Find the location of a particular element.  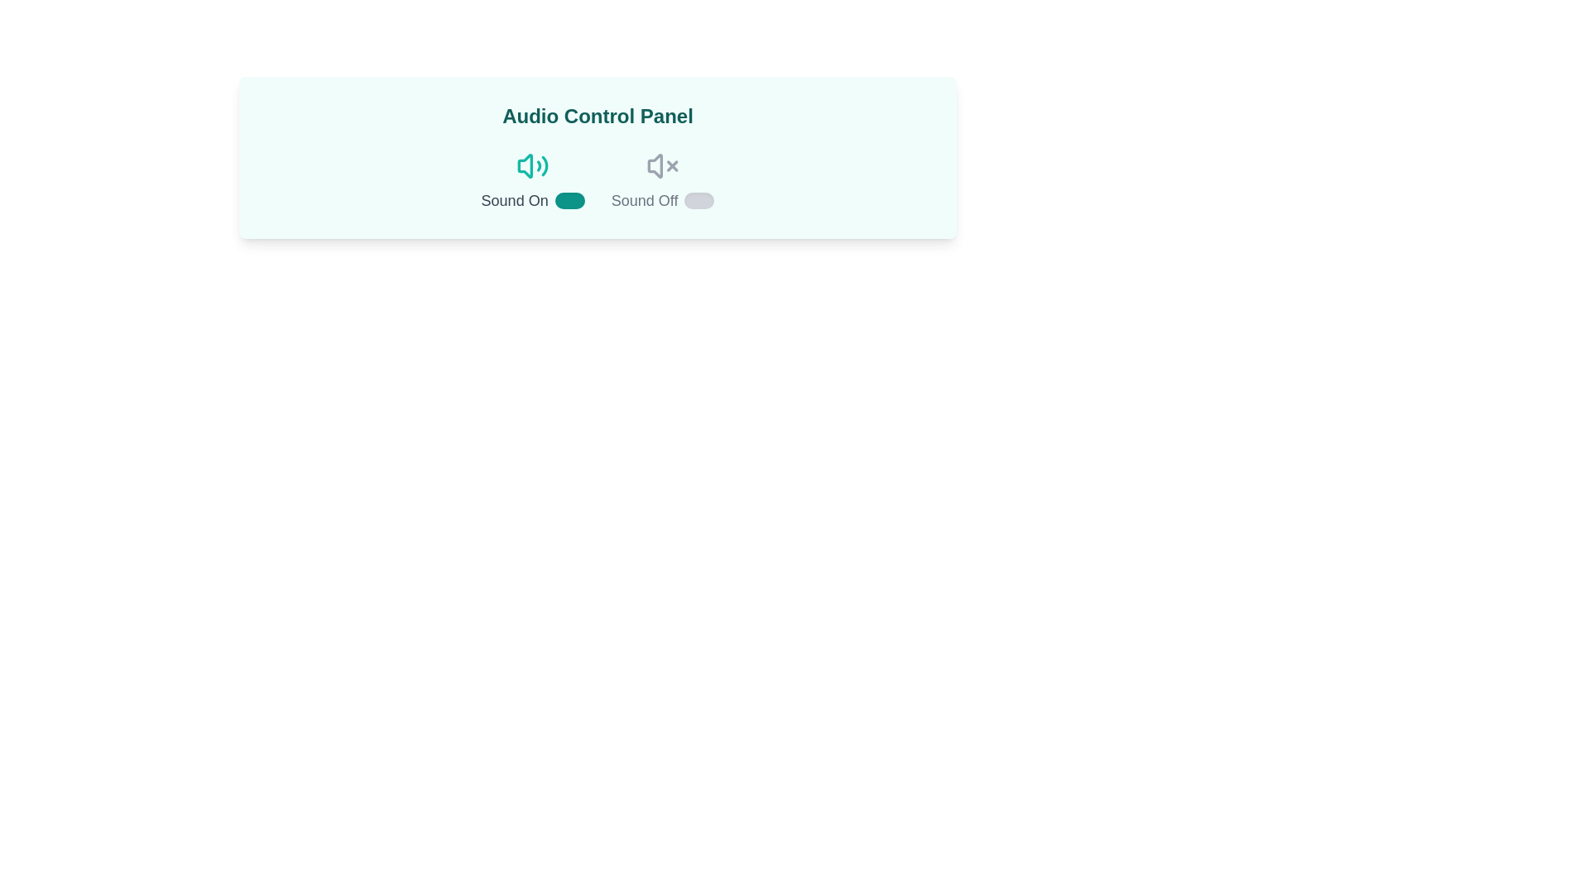

the toggle switch to change its state is located at coordinates (569, 200).